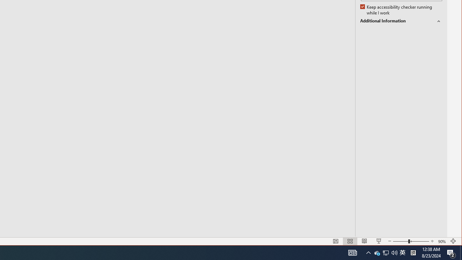 The width and height of the screenshot is (462, 260). Describe the element at coordinates (385, 252) in the screenshot. I see `'Notification Chevron'` at that location.